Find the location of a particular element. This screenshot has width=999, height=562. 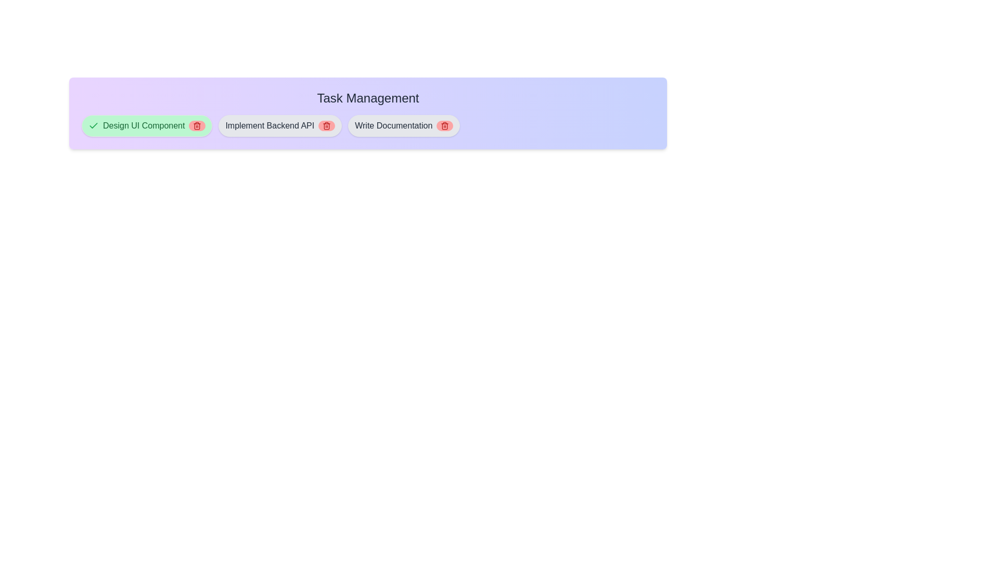

delete button for the task Design UI Component is located at coordinates (197, 125).